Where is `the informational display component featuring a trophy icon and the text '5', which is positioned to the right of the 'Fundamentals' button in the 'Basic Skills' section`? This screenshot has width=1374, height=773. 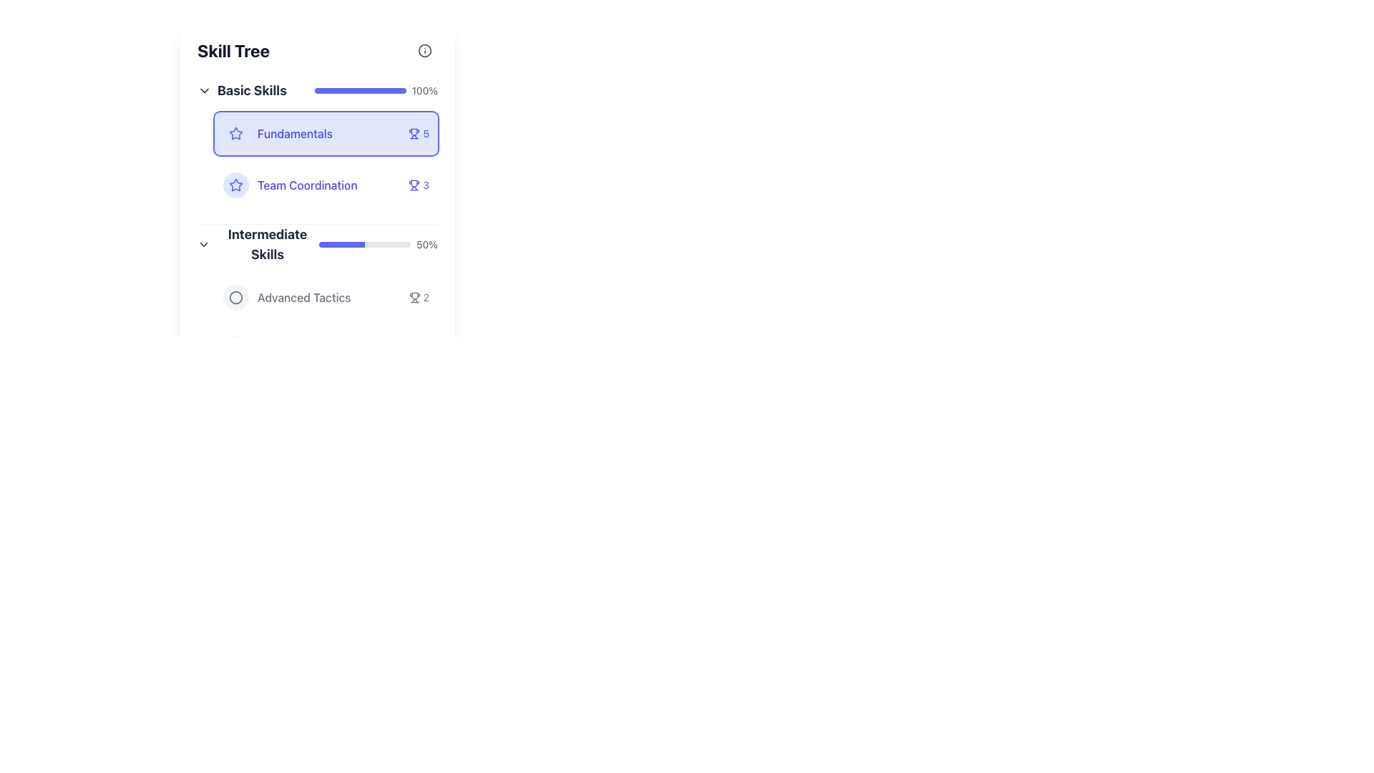
the informational display component featuring a trophy icon and the text '5', which is positioned to the right of the 'Fundamentals' button in the 'Basic Skills' section is located at coordinates (418, 133).